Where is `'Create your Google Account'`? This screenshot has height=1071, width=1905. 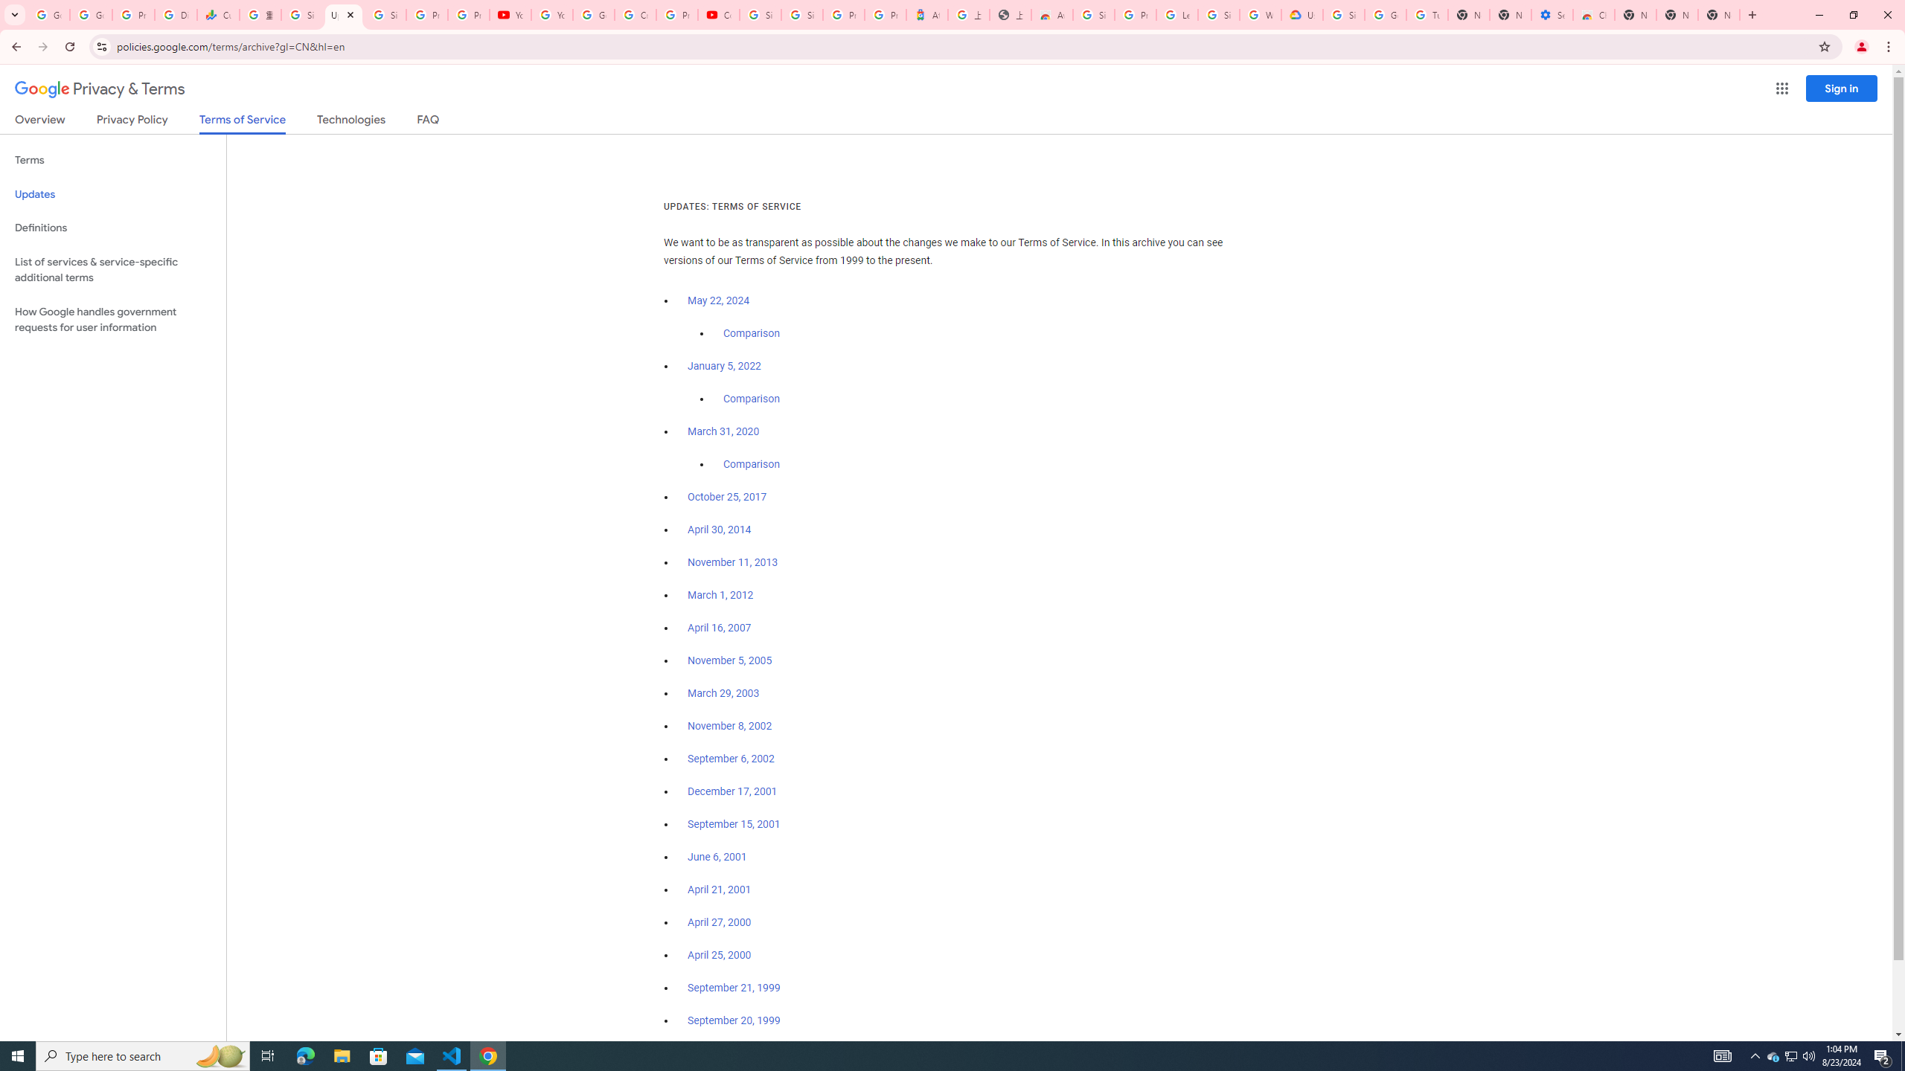 'Create your Google Account' is located at coordinates (634, 14).